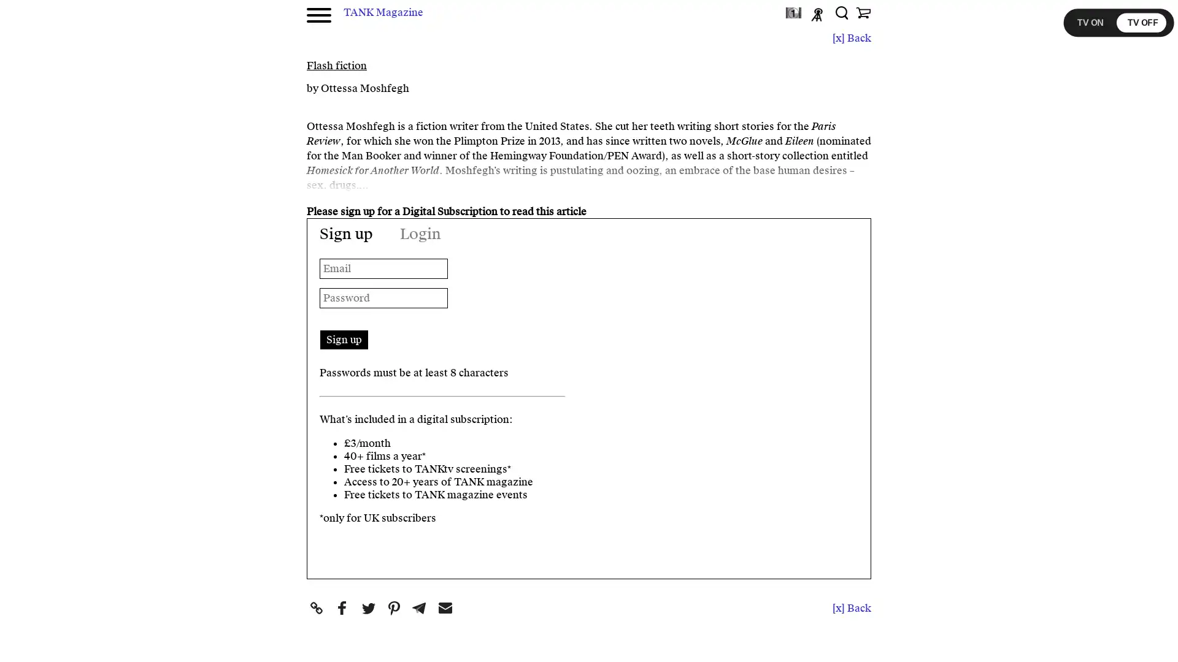 The height and width of the screenshot is (662, 1178). Describe the element at coordinates (818, 12) in the screenshot. I see `Podcast` at that location.